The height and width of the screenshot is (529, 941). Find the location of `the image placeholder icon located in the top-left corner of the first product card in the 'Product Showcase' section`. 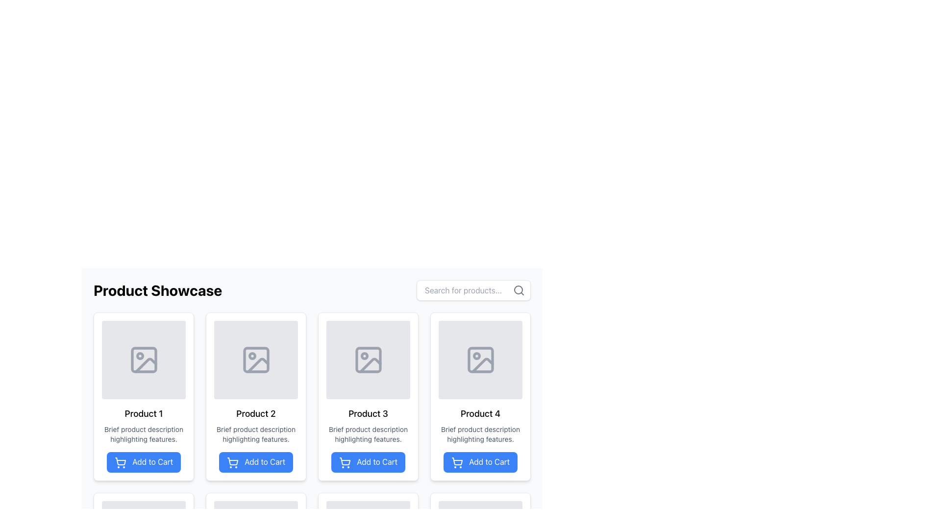

the image placeholder icon located in the top-left corner of the first product card in the 'Product Showcase' section is located at coordinates (143, 360).